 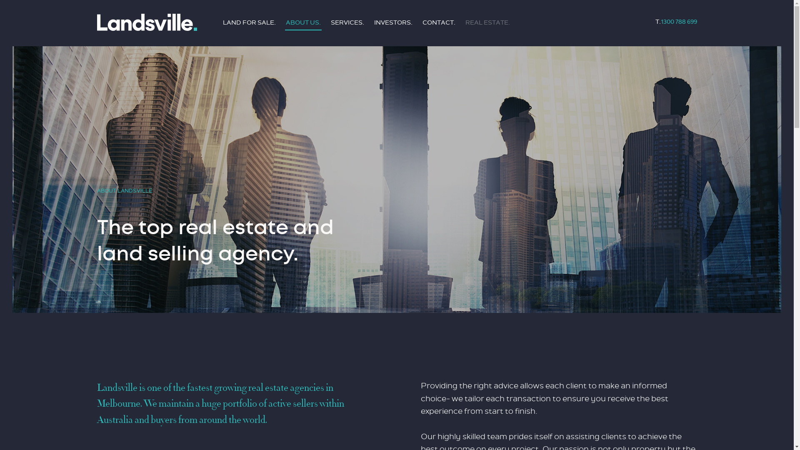 What do you see at coordinates (487, 22) in the screenshot?
I see `'REAL ESTATE.'` at bounding box center [487, 22].